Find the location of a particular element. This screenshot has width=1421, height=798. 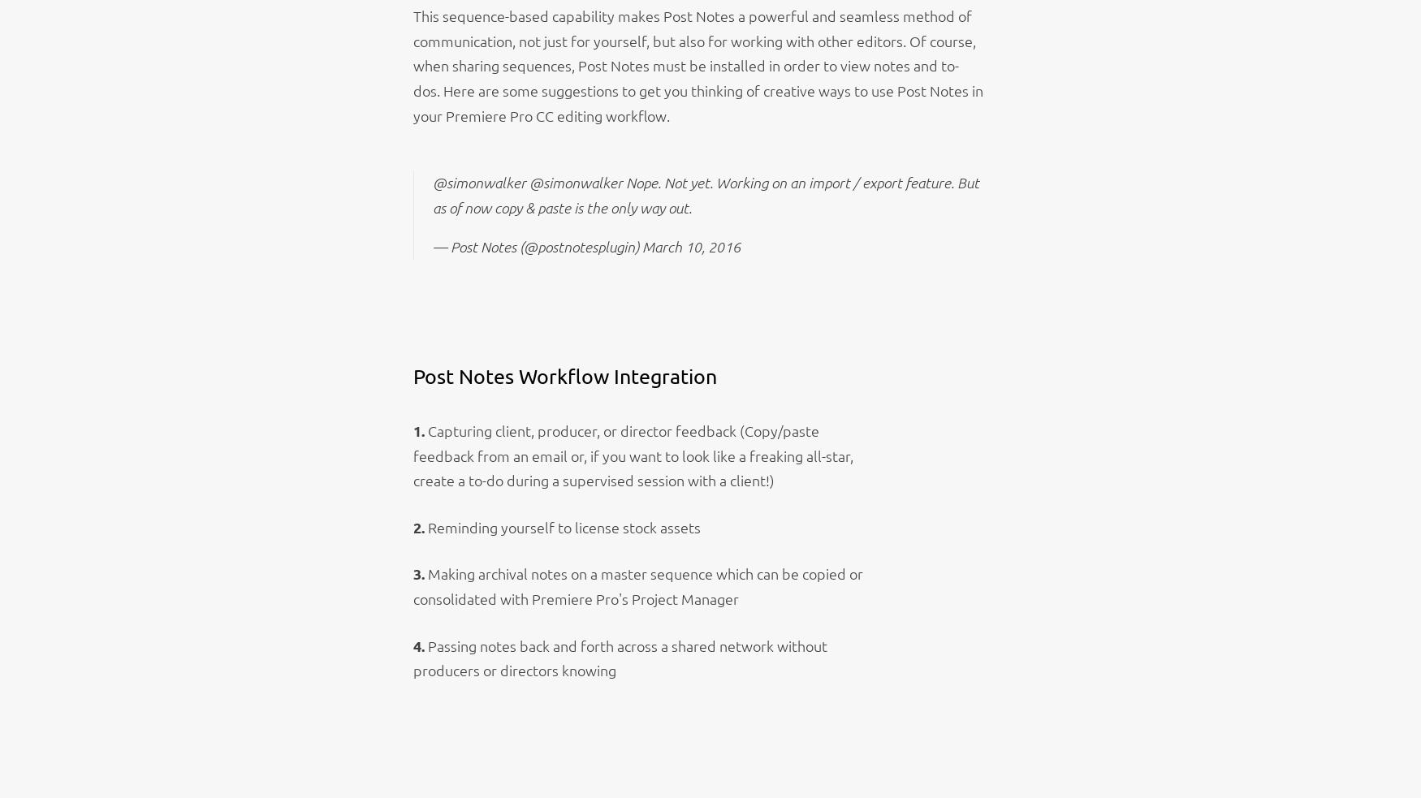

'Making archival notes on a master sequence which can be copied or consolidated with Premiere Pro's Project Manager' is located at coordinates (637, 585).